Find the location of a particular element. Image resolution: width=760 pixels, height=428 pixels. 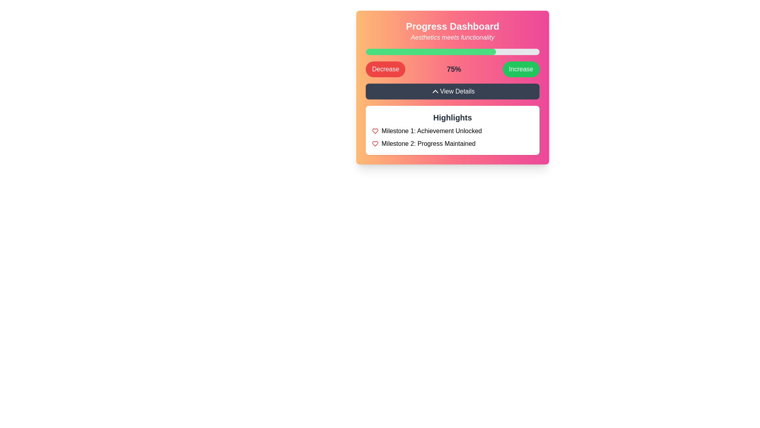

the static text label that reads 'Aesthetics meets functionality,' which is located directly below the 'Progress Dashboard' text and centered in the header area is located at coordinates (452, 38).